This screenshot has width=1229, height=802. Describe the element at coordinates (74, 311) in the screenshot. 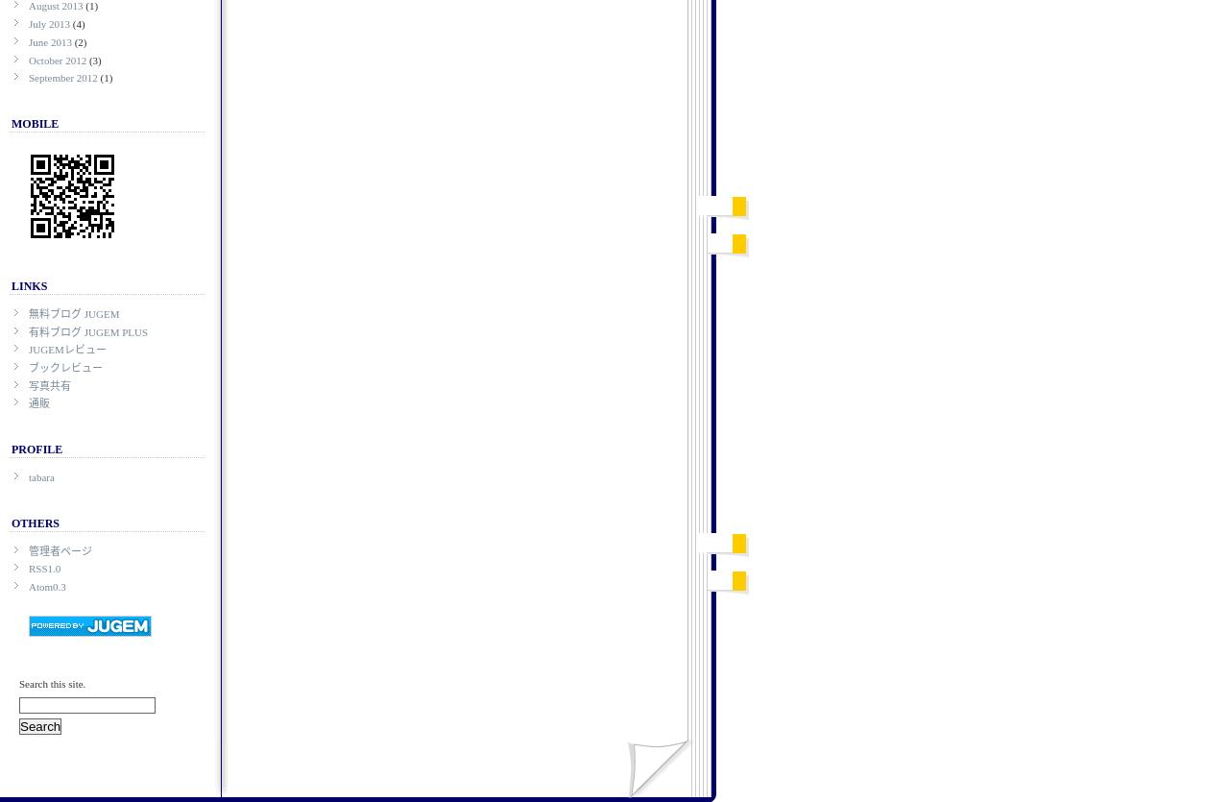

I see `'無料ブログ JUGEM'` at that location.